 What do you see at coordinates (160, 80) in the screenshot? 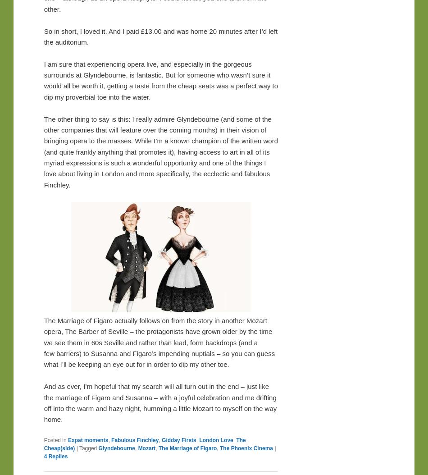
I see `'I am sure that experiencing opera live, and especially in the gorgeous surrounds at Glyndebourne, is fantastic. But for someone who wasn’t sure it would all be worth it, getting a taste from the cheap seats was a perfect way to dip my proverbial toe into the water.'` at bounding box center [160, 80].